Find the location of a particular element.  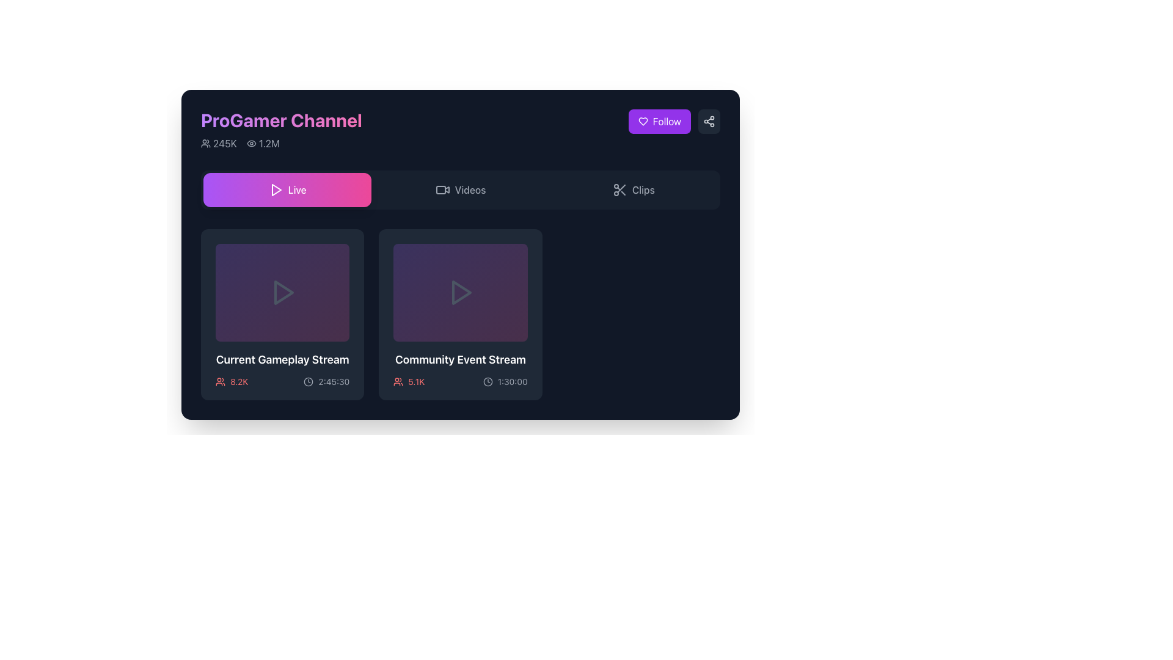

the 'Follow' button with a purple background and white heart icon to observe the hover effects is located at coordinates (673, 122).